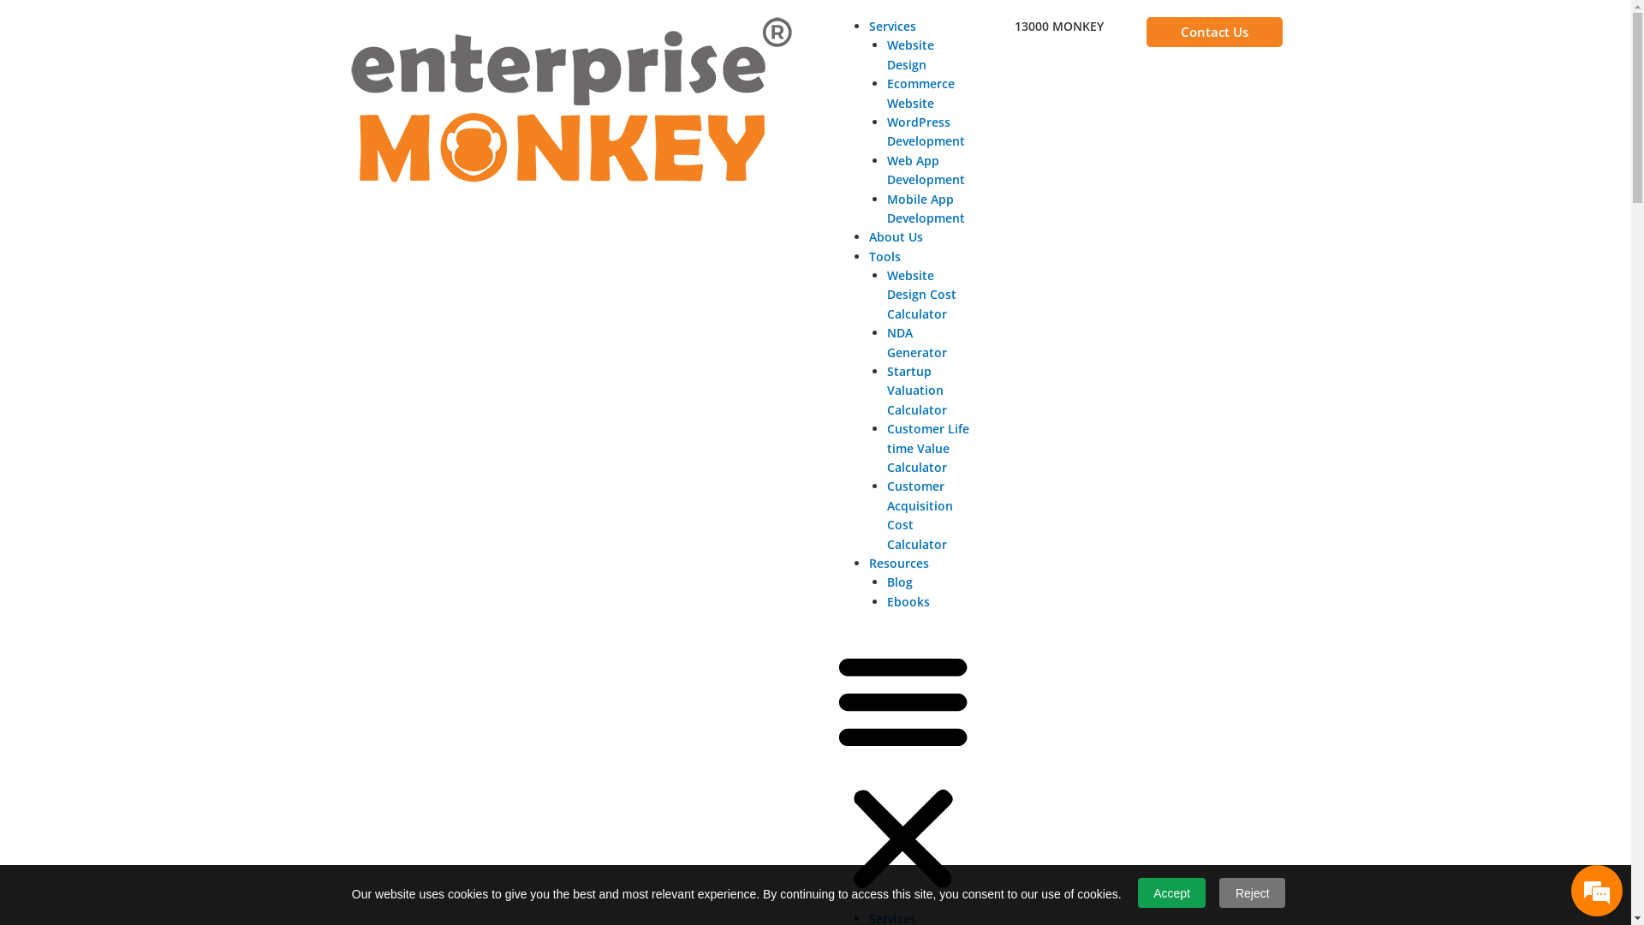 The image size is (1644, 925). What do you see at coordinates (887, 447) in the screenshot?
I see `'Customer Life time Value Calculator'` at bounding box center [887, 447].